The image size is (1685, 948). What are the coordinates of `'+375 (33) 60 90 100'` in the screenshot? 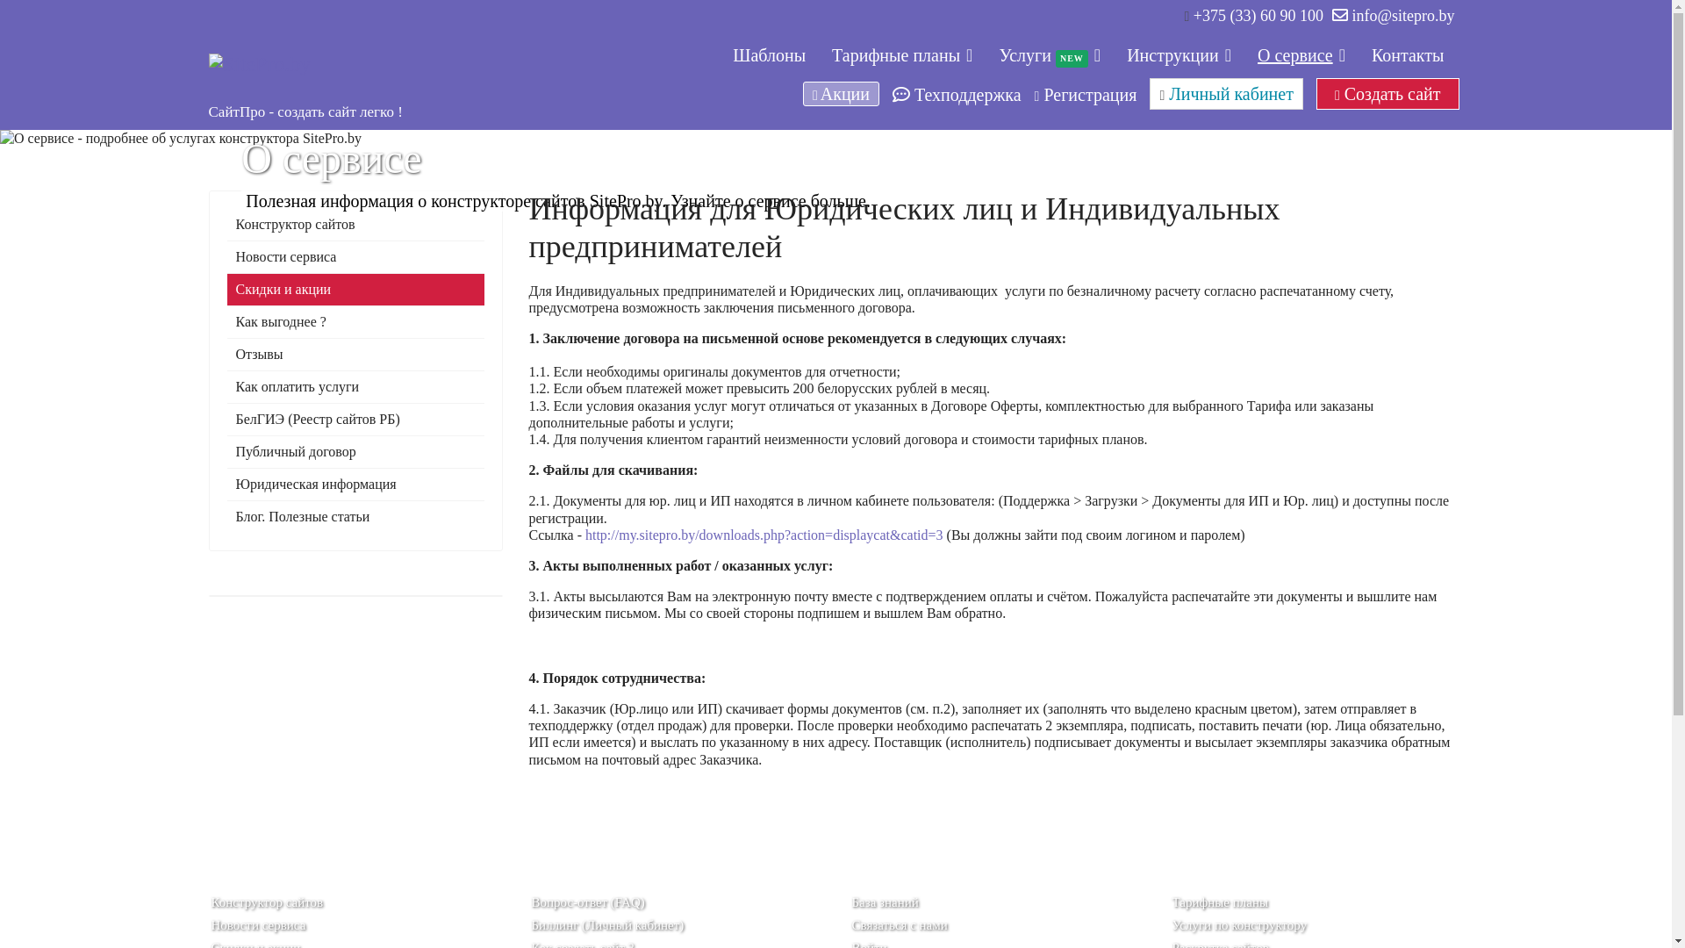 It's located at (1258, 16).